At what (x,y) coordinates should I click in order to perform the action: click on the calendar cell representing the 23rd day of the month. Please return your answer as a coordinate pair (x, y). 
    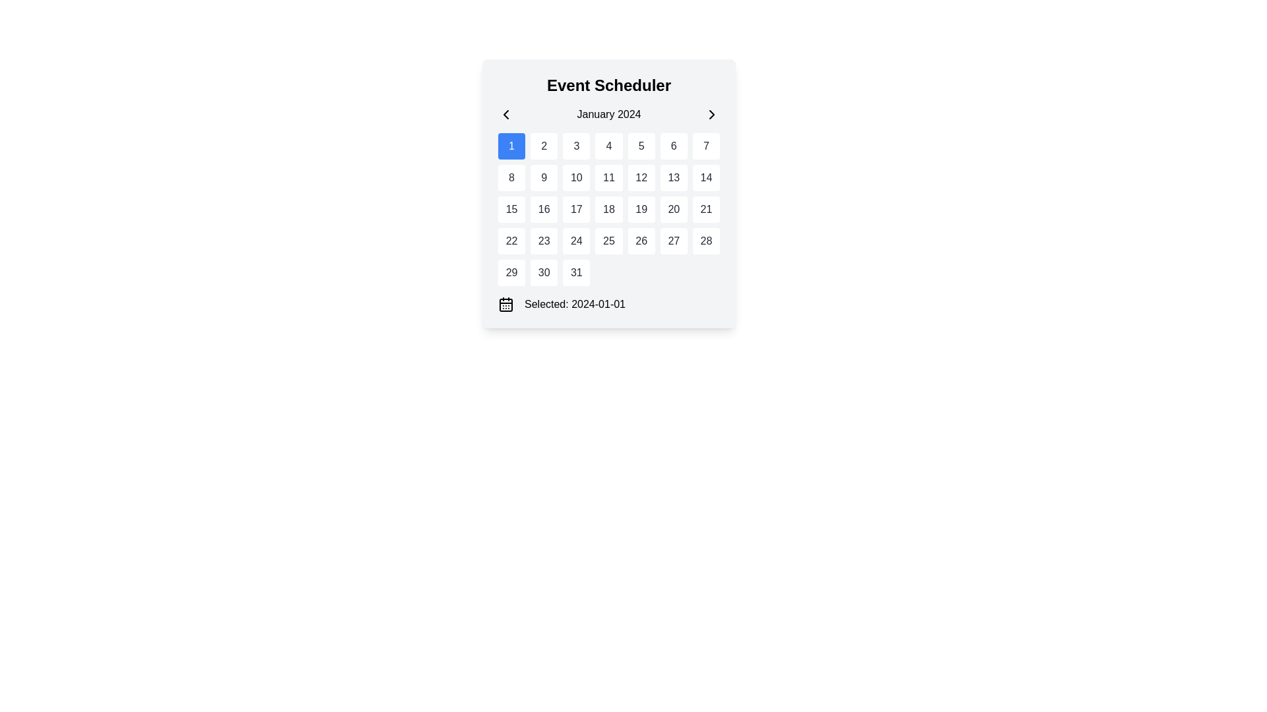
    Looking at the image, I should click on (544, 241).